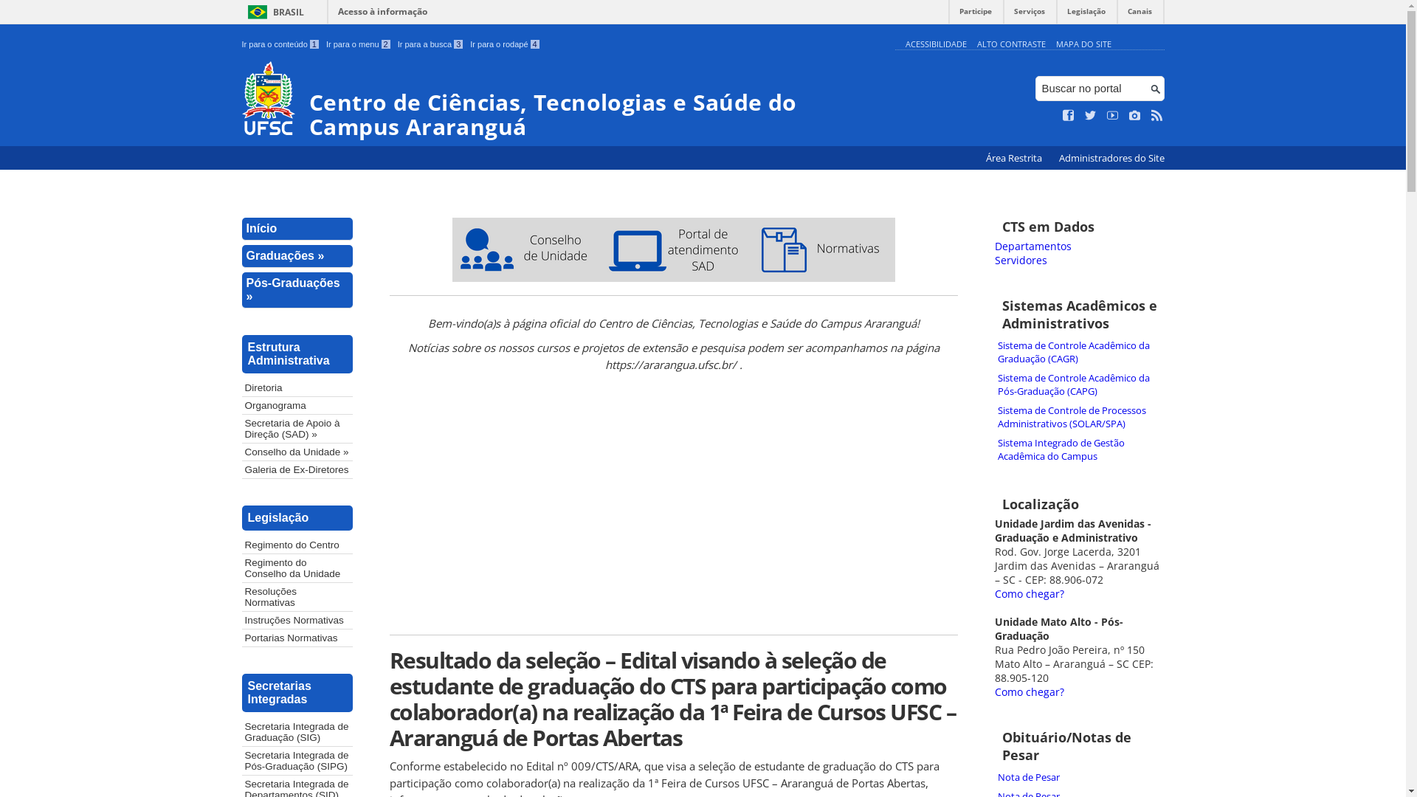 This screenshot has height=797, width=1417. What do you see at coordinates (1010, 43) in the screenshot?
I see `'ALTO CONTRASTE'` at bounding box center [1010, 43].